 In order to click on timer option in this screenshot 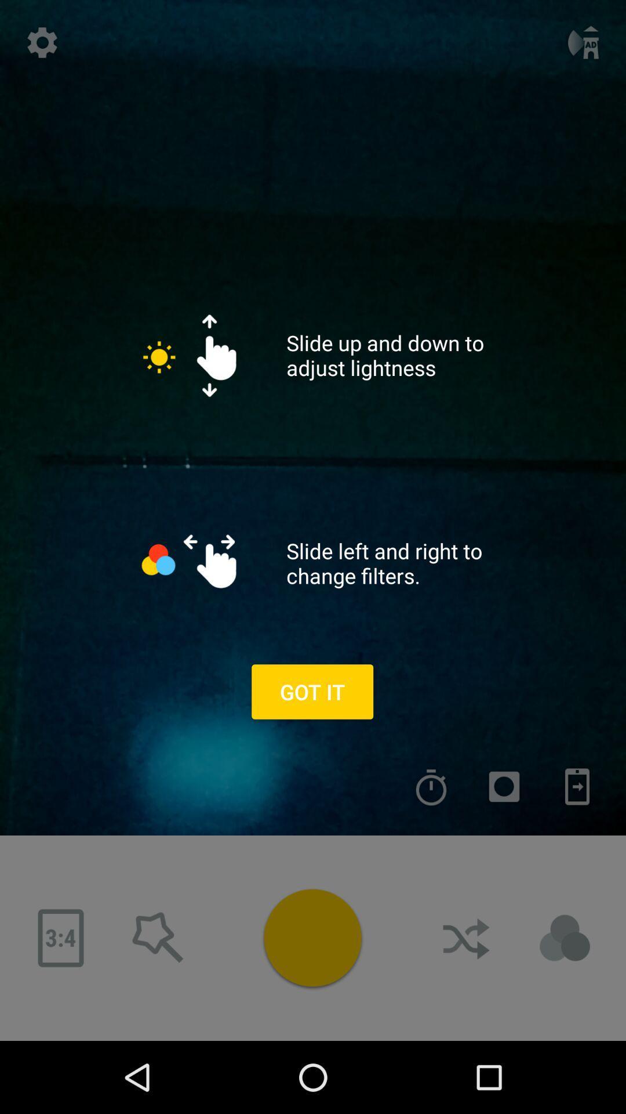, I will do `click(431, 787)`.